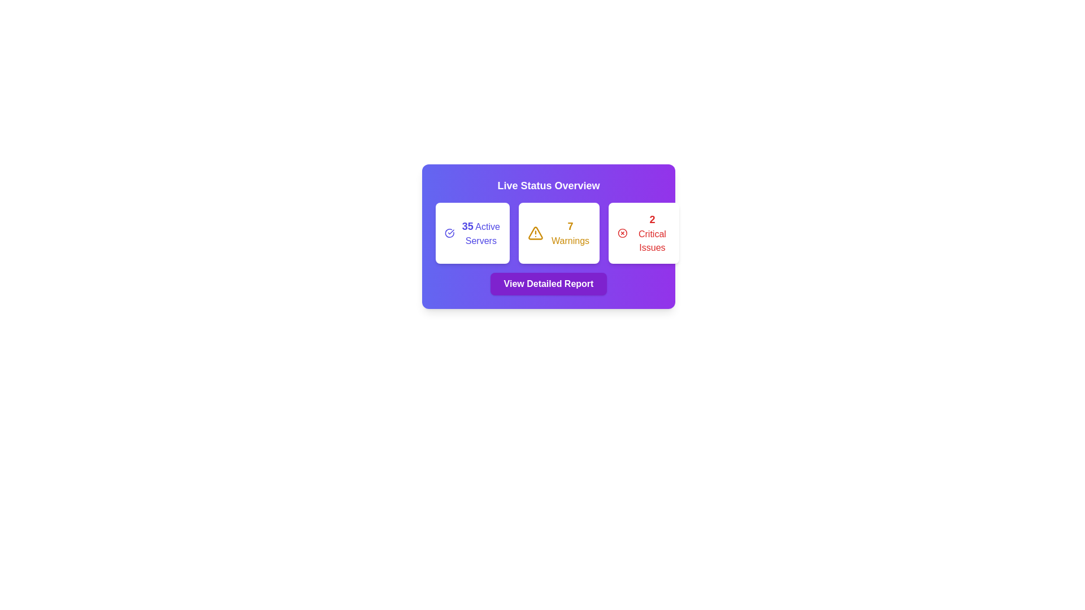  I want to click on the static text label displaying the number '7' in bold golden font, located slightly to the left of the center of the 'Warnings' box, so click(570, 226).